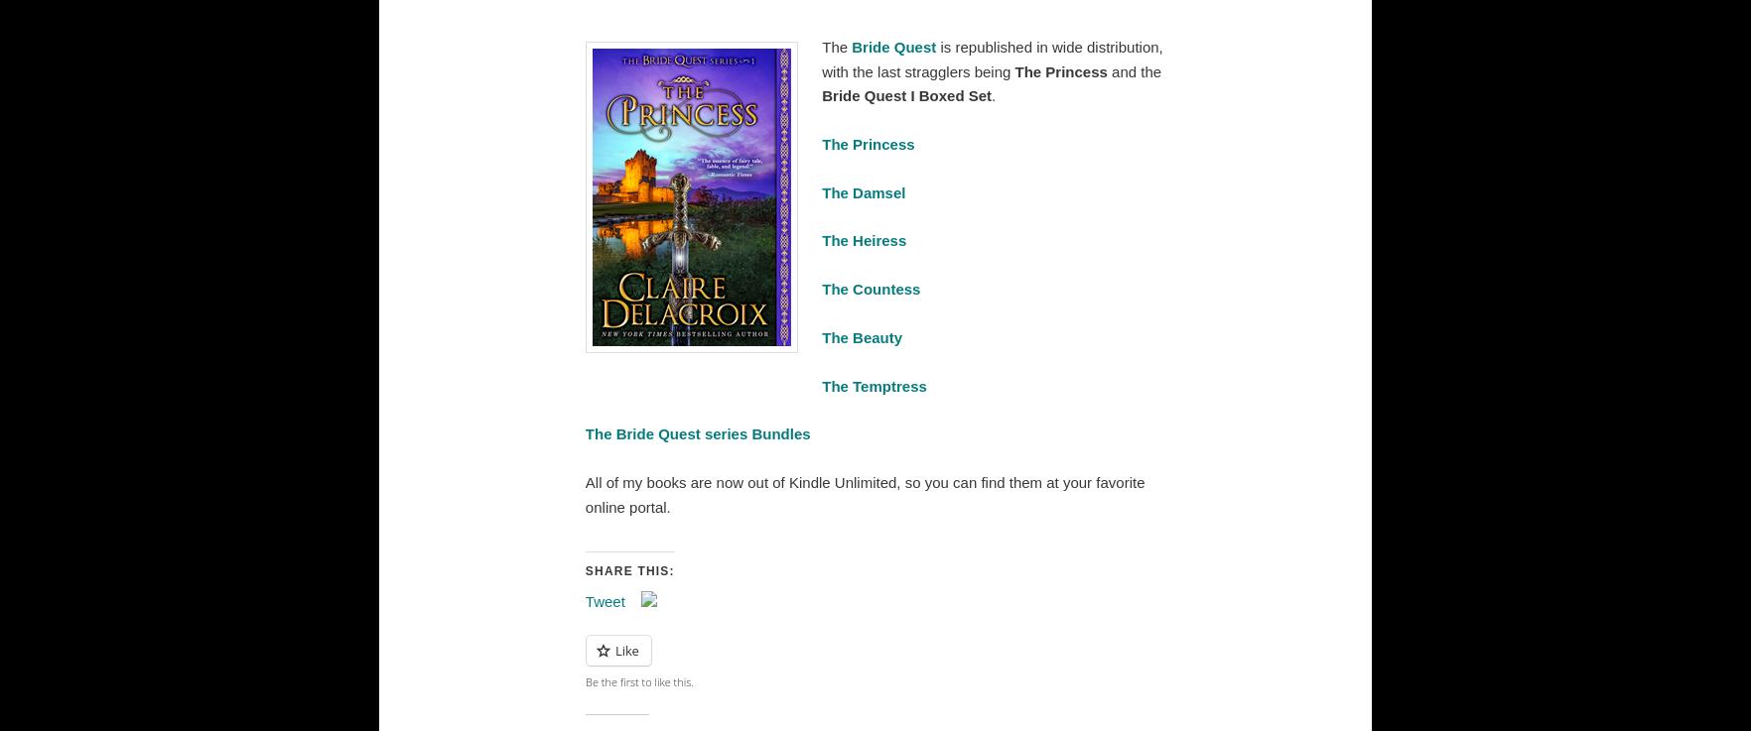  What do you see at coordinates (893, 47) in the screenshot?
I see `'Bride Quest'` at bounding box center [893, 47].